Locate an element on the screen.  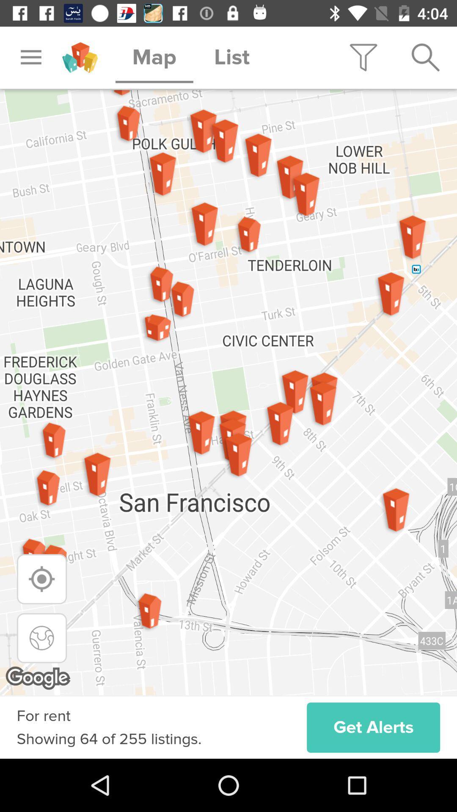
the icon at the bottom right corner is located at coordinates (373, 727).